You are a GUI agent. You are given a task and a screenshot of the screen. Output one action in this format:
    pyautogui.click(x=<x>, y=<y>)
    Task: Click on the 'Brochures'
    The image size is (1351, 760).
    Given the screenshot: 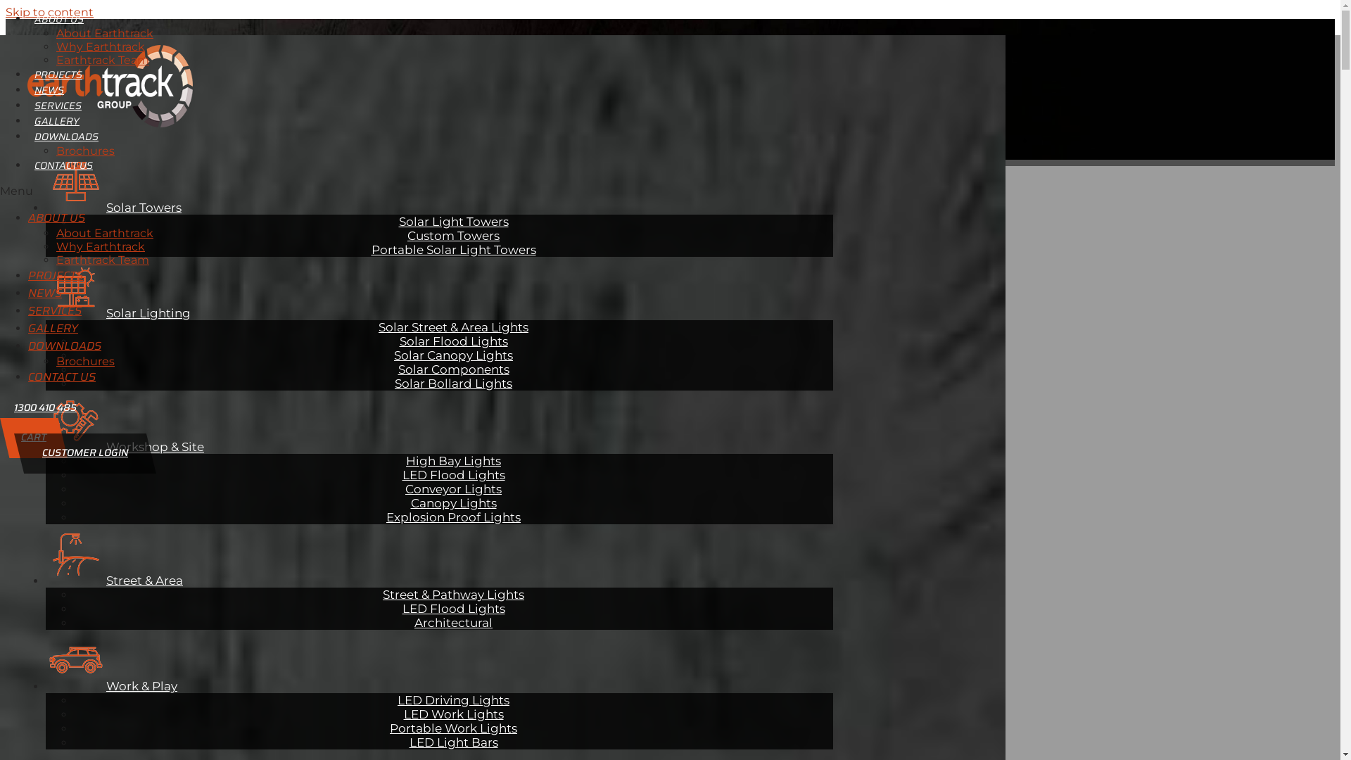 What is the action you would take?
    pyautogui.click(x=84, y=151)
    